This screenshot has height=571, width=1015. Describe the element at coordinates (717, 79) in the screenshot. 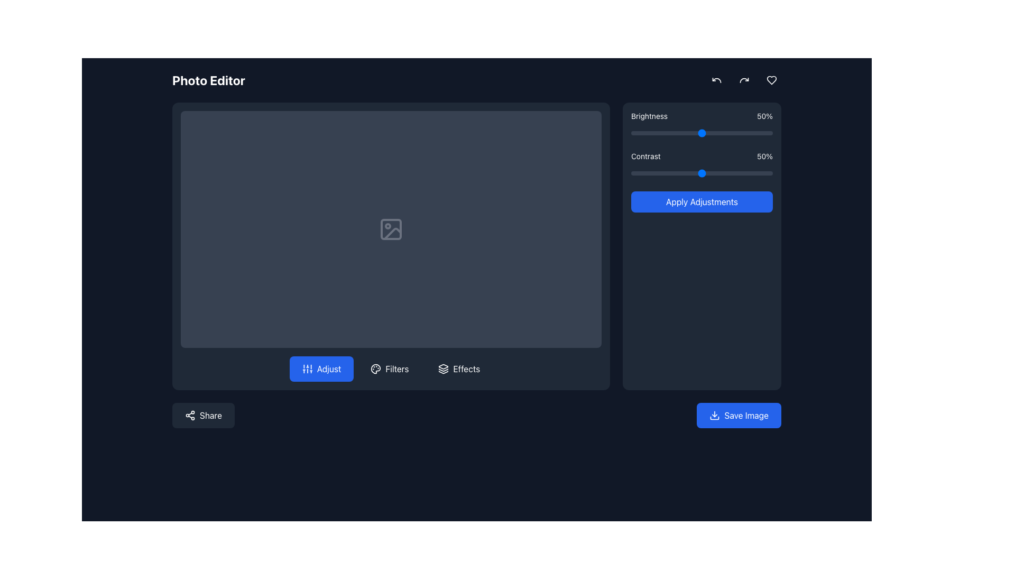

I see `the undo button located at the top-right corner of the interface, to the left of the redo icon` at that location.